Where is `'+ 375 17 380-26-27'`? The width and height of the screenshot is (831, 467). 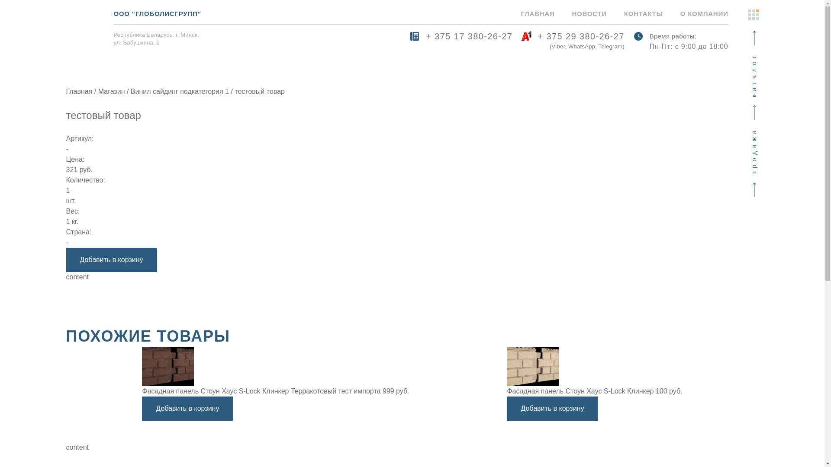
'+ 375 17 380-26-27' is located at coordinates (461, 42).